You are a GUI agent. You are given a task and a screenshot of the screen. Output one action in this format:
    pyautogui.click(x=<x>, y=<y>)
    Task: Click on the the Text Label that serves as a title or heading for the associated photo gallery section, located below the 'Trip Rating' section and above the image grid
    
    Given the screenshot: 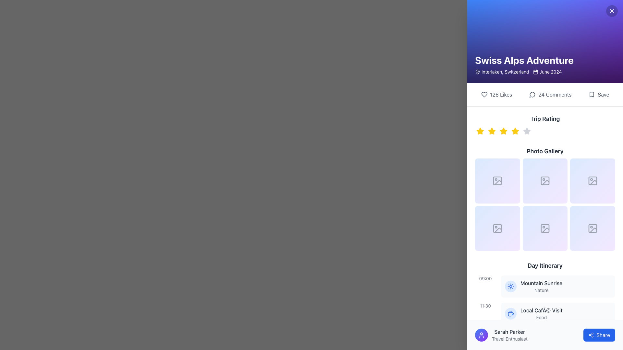 What is the action you would take?
    pyautogui.click(x=545, y=151)
    